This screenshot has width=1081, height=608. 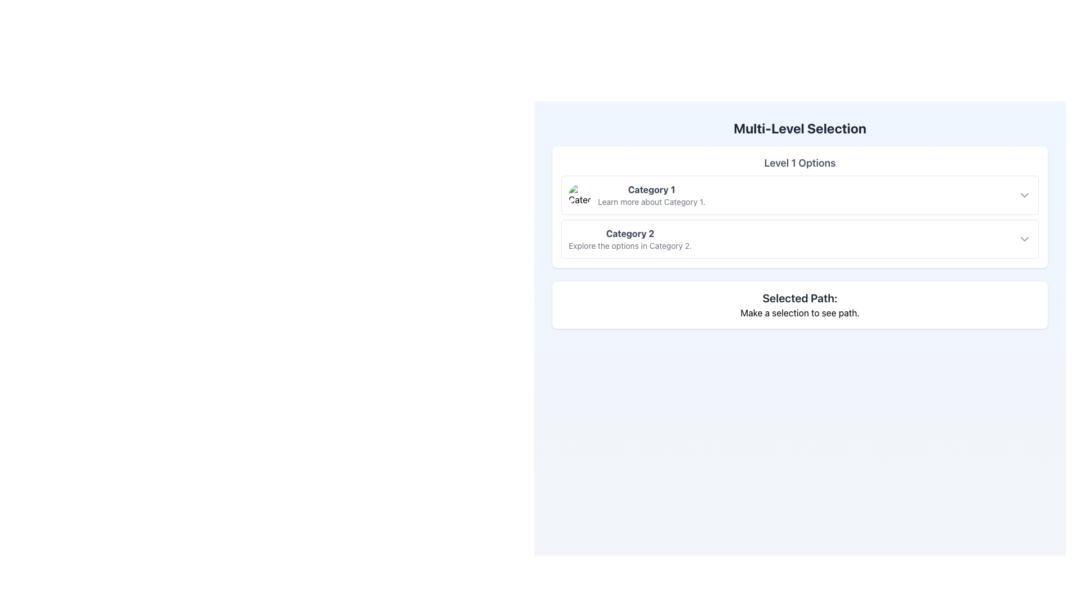 I want to click on the first interactive list item labeled 'Category 1', so click(x=799, y=195).